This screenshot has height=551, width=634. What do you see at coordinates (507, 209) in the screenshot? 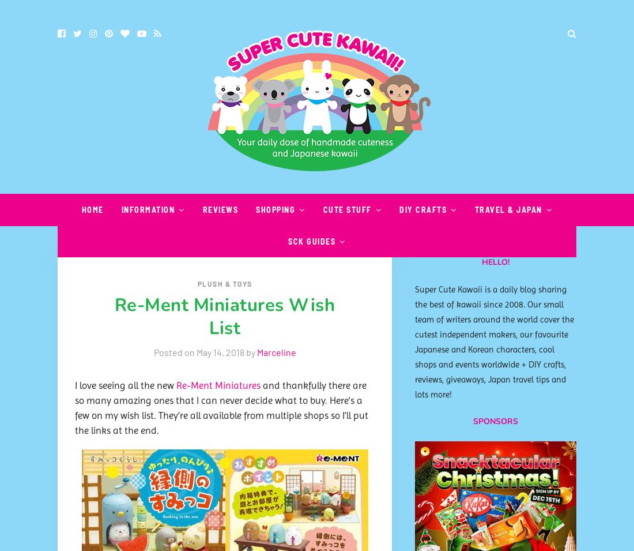
I see `'Travel & Japan'` at bounding box center [507, 209].